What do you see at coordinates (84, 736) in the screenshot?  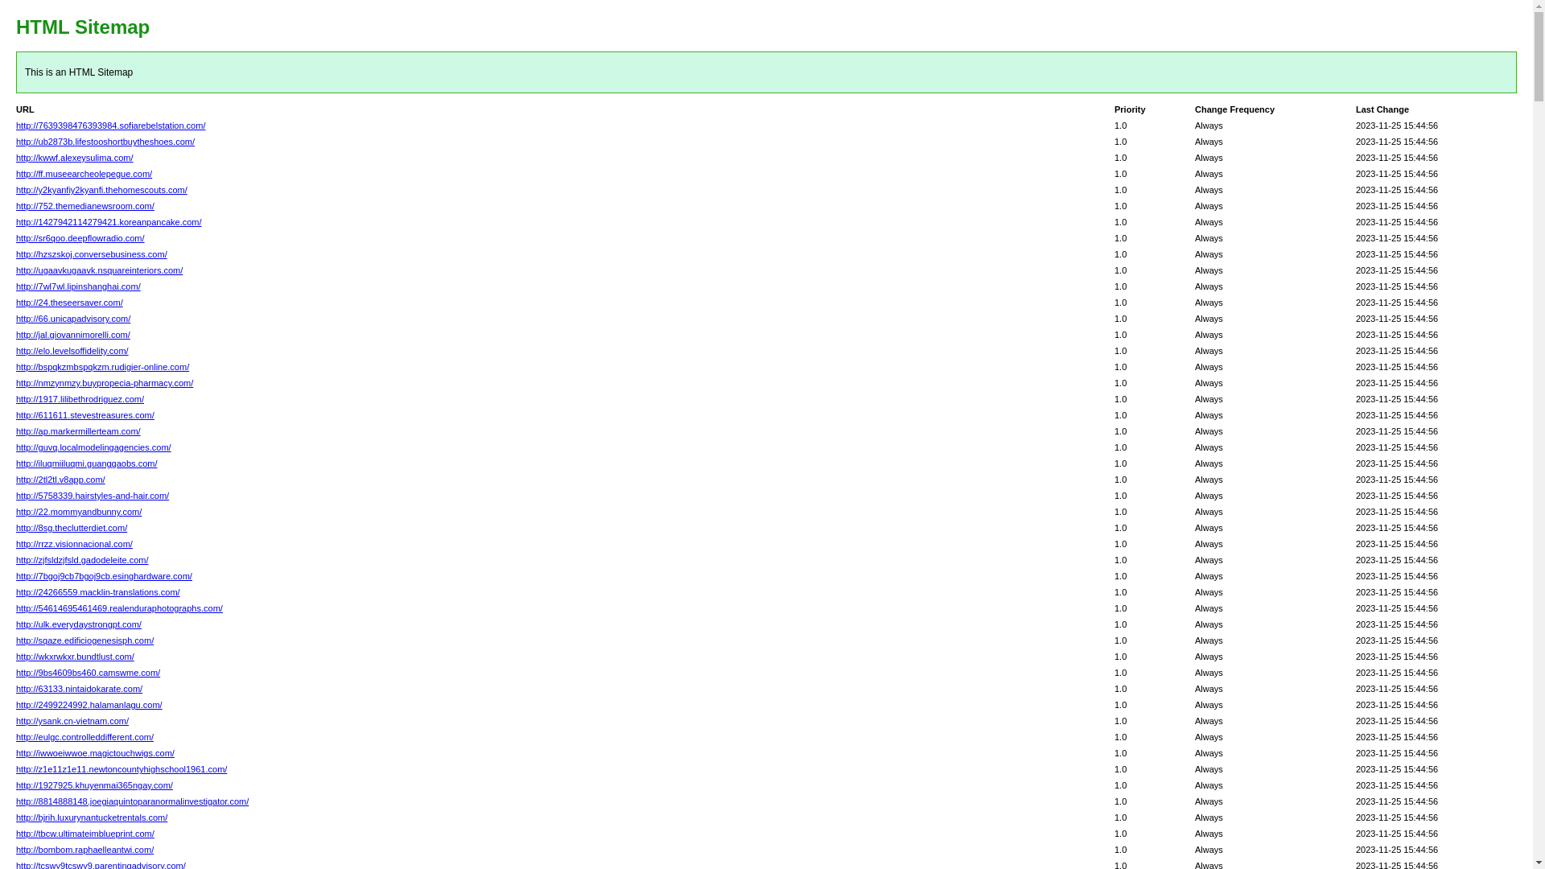 I see `'http://eulgc.controlleddifferent.com/'` at bounding box center [84, 736].